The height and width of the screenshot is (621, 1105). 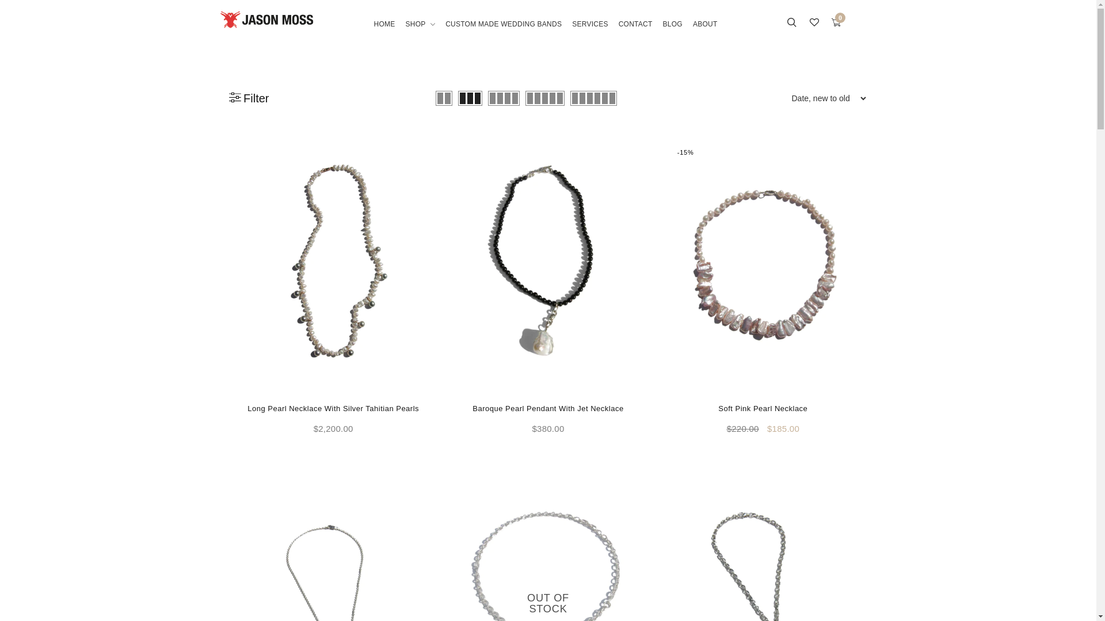 What do you see at coordinates (814, 24) in the screenshot?
I see `'My Wishlist'` at bounding box center [814, 24].